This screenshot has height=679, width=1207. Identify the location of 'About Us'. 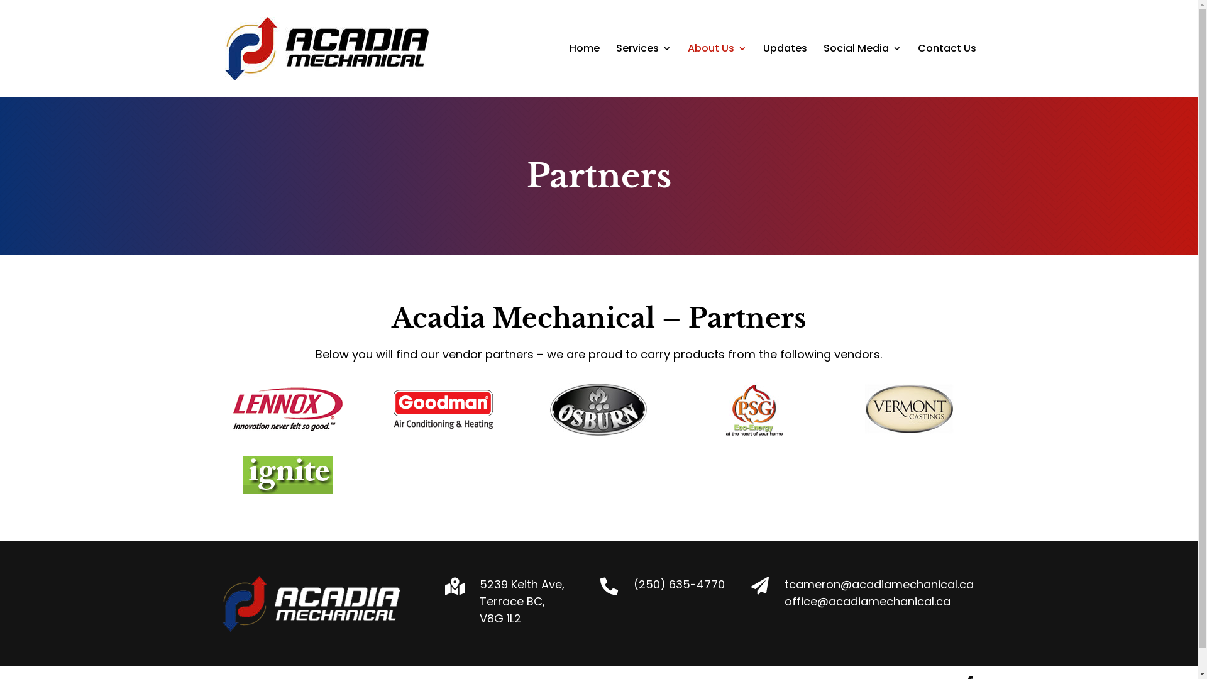
(717, 70).